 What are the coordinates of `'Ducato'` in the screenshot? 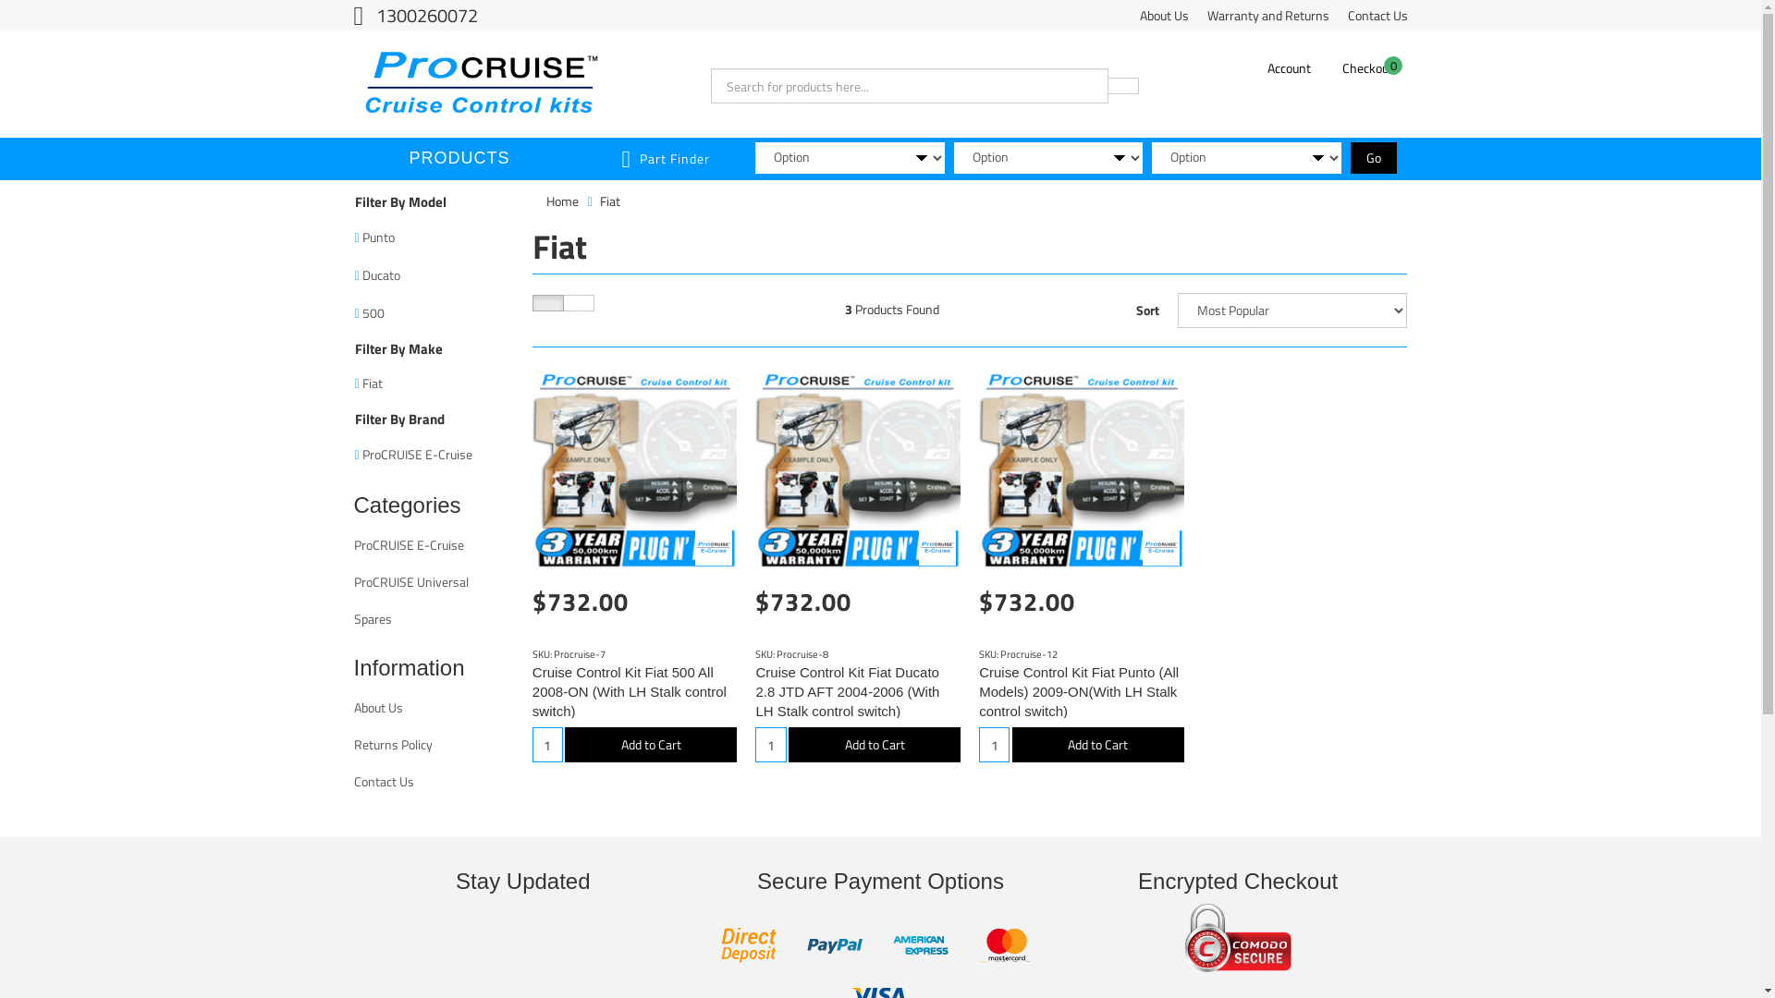 It's located at (433, 275).